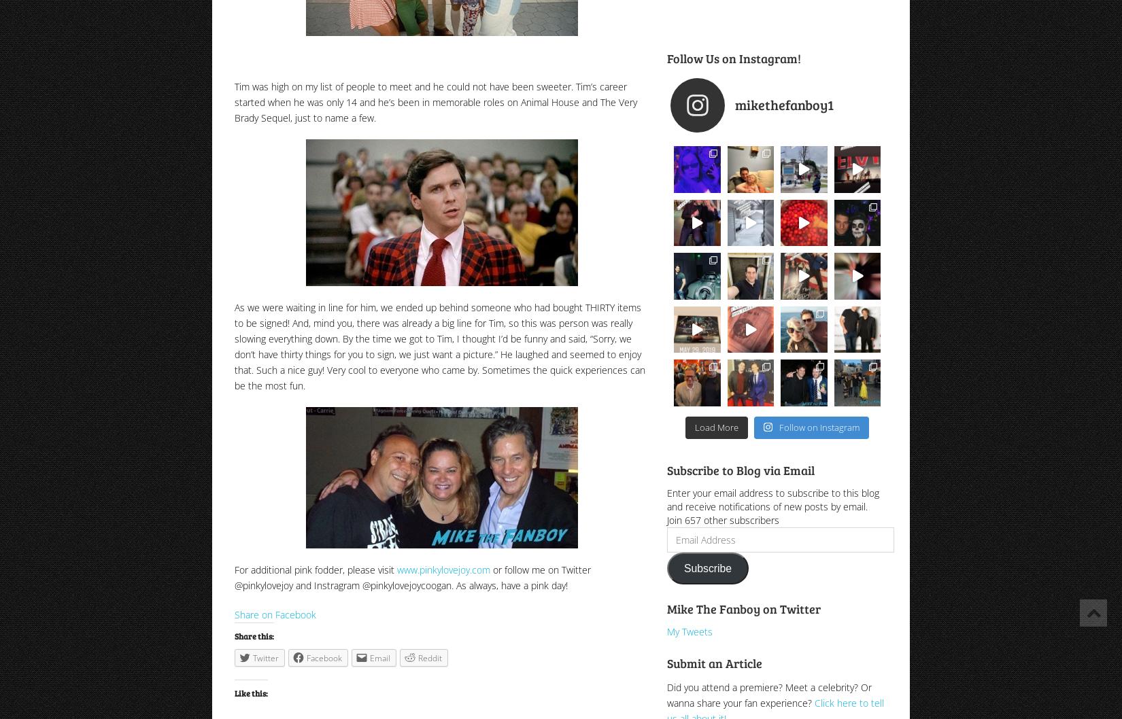 Image resolution: width=1122 pixels, height=719 pixels. I want to click on 'As we were waiting in line for him, we ended up behind someone who had bought THIRTY items to be signed! And, mind you, there was already a big line for Tim, so this was person was really slowing everything down. By the time we got to Tim, I thought I’d be funny and said, “Sorry, we don’t have thirty things for you to sign, we just want a picture.” He laughed and seemed to enjoy that. Such a nice guy! Very cool to everyone who came by. Sometimes the quick experiences can be the most fun.', so click(439, 345).